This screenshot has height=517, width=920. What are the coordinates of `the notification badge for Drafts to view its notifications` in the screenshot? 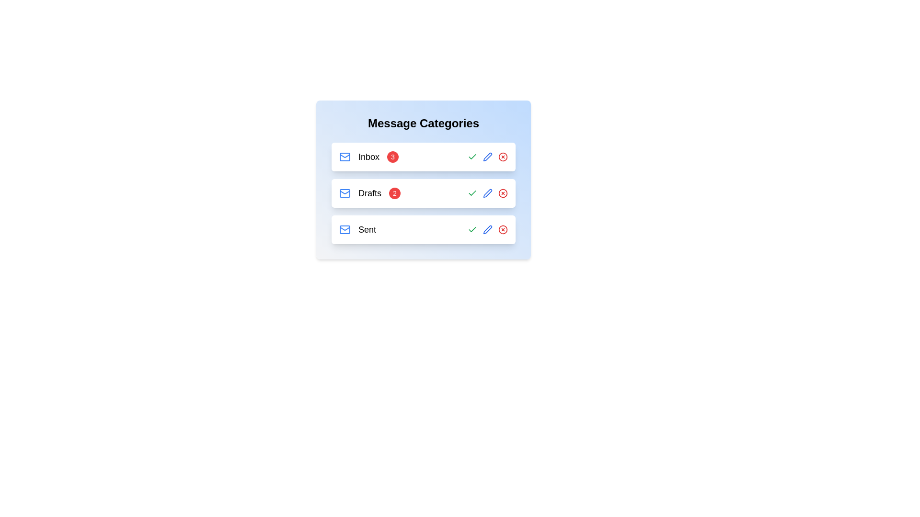 It's located at (394, 193).